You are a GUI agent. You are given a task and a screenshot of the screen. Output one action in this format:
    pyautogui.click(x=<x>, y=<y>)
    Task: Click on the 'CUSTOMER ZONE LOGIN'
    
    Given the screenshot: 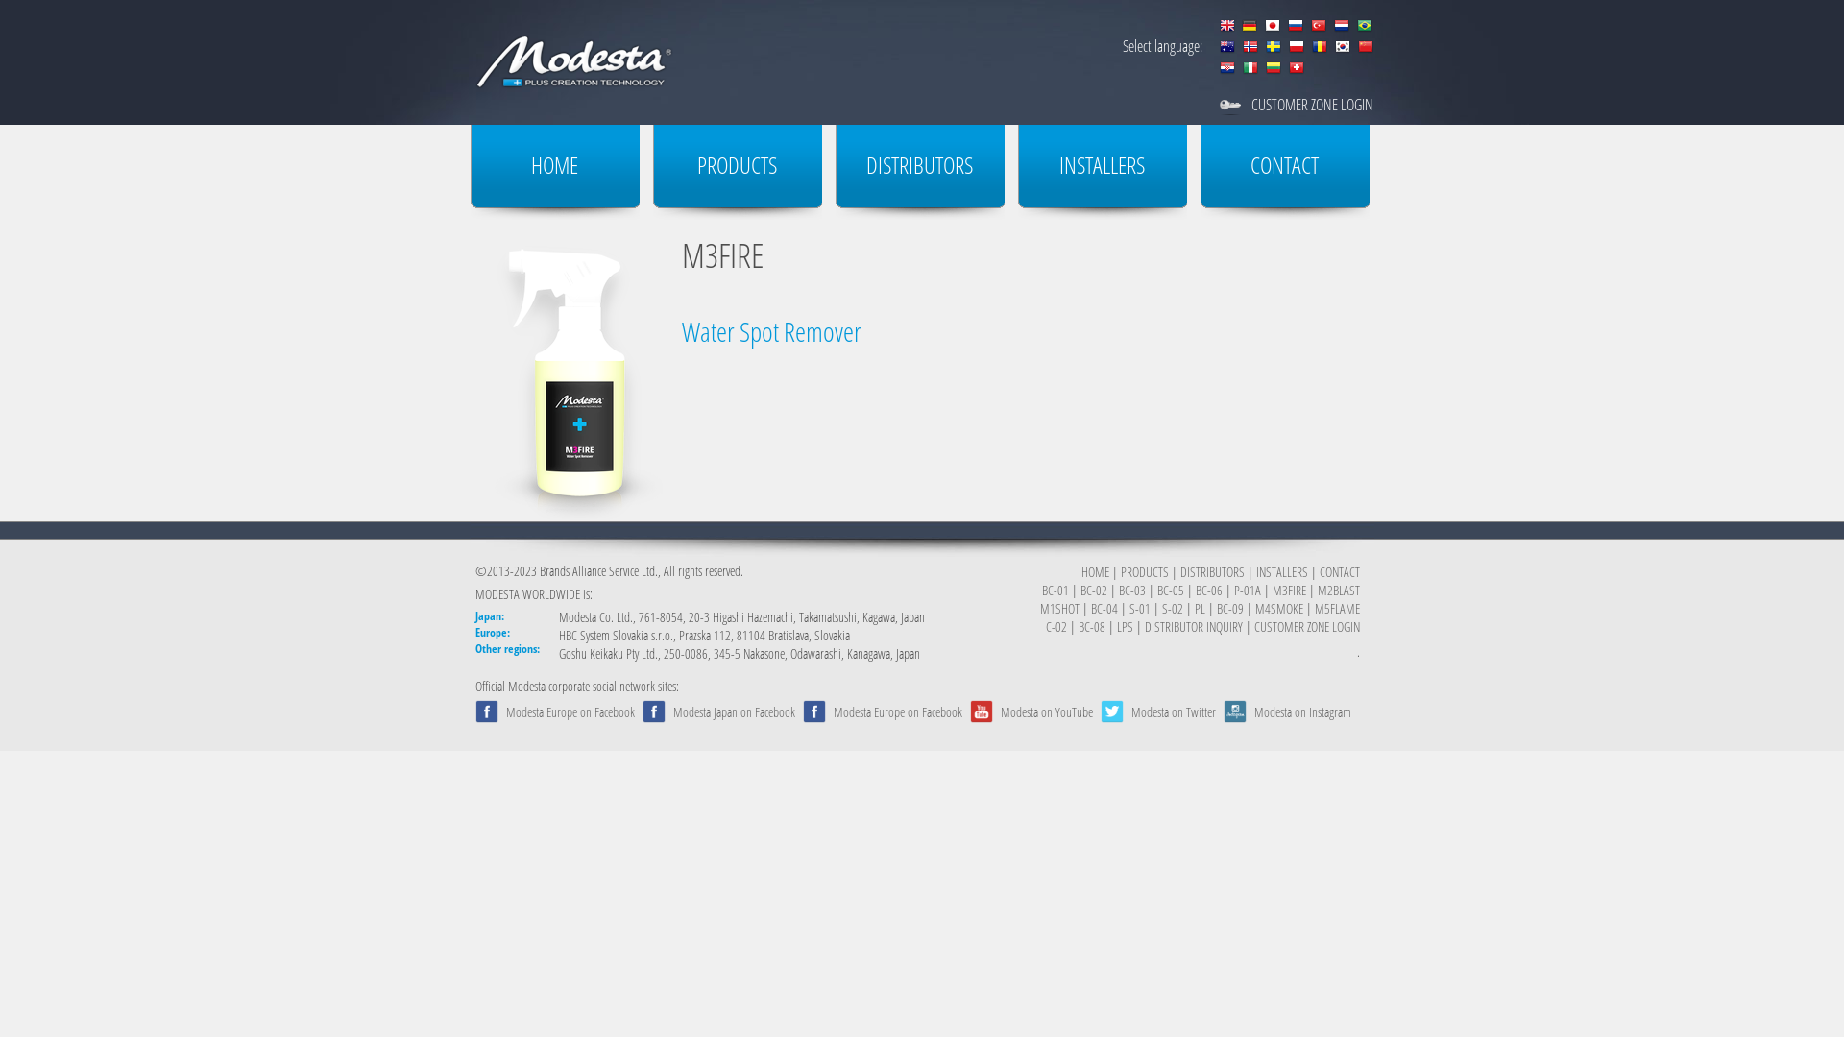 What is the action you would take?
    pyautogui.click(x=1250, y=104)
    